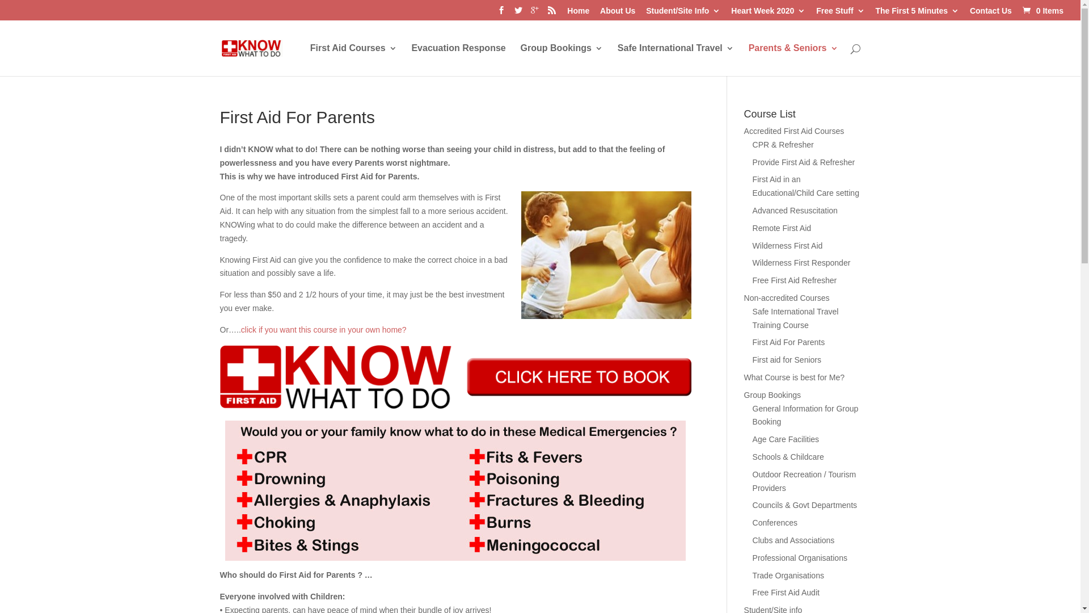 The width and height of the screenshot is (1089, 613). What do you see at coordinates (323, 330) in the screenshot?
I see `'click if you want this course in your own home?'` at bounding box center [323, 330].